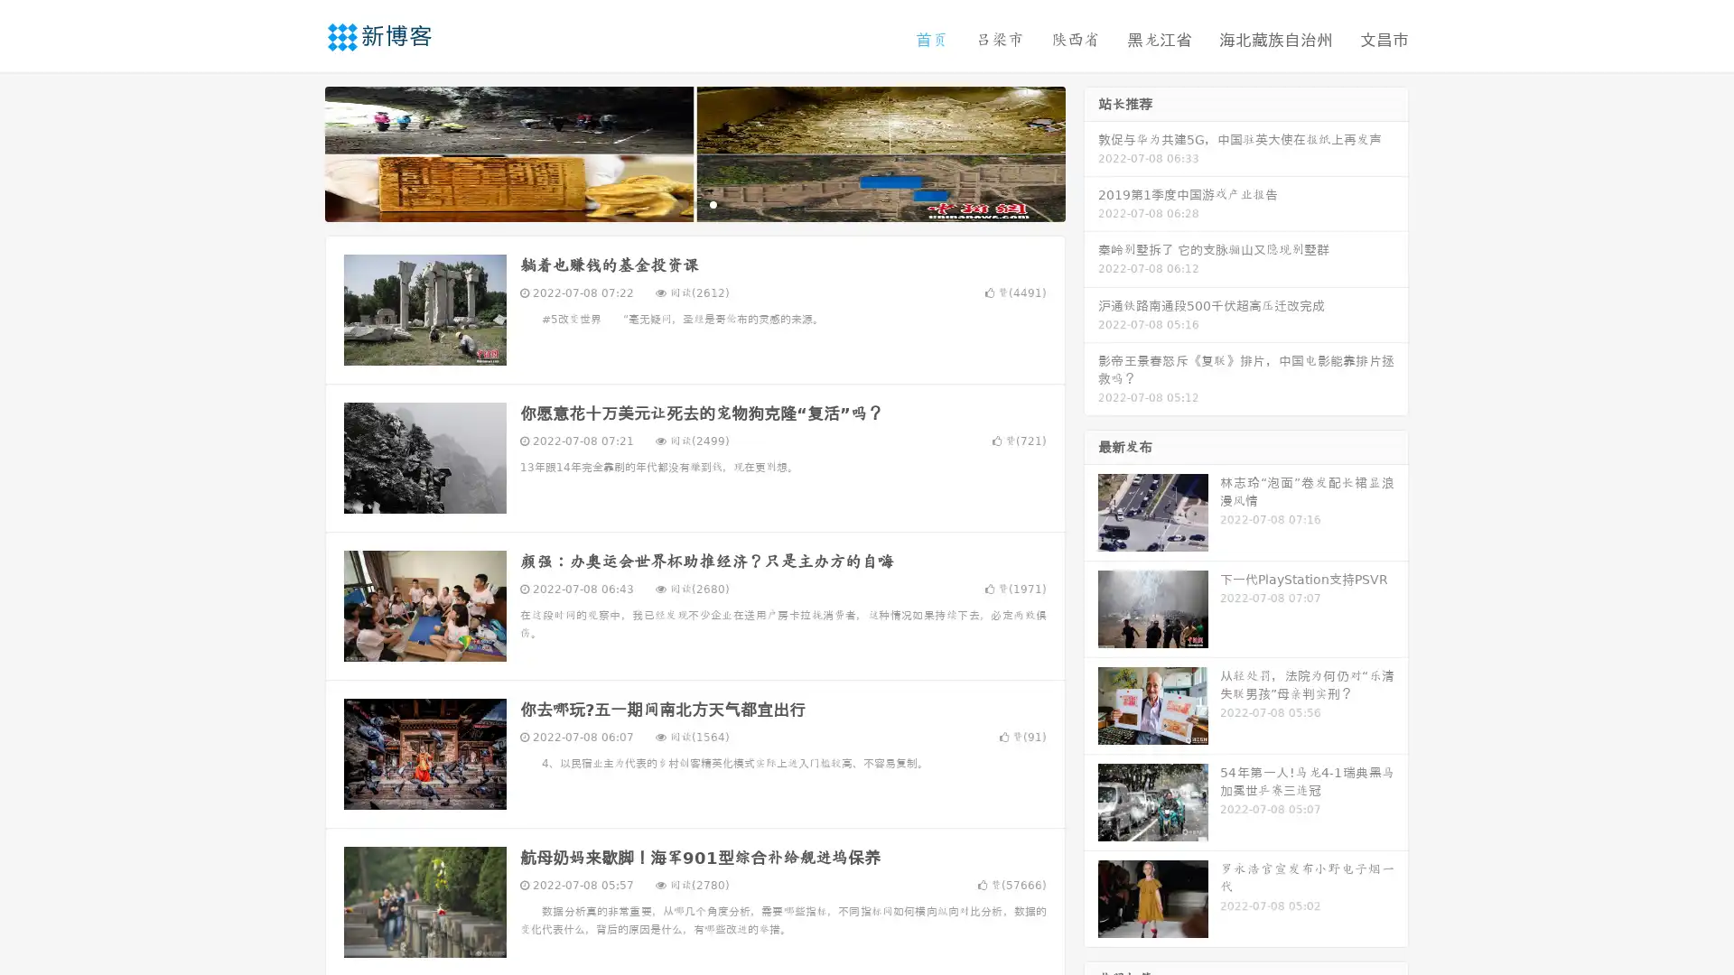 The width and height of the screenshot is (1734, 975). I want to click on Go to slide 3, so click(713, 203).